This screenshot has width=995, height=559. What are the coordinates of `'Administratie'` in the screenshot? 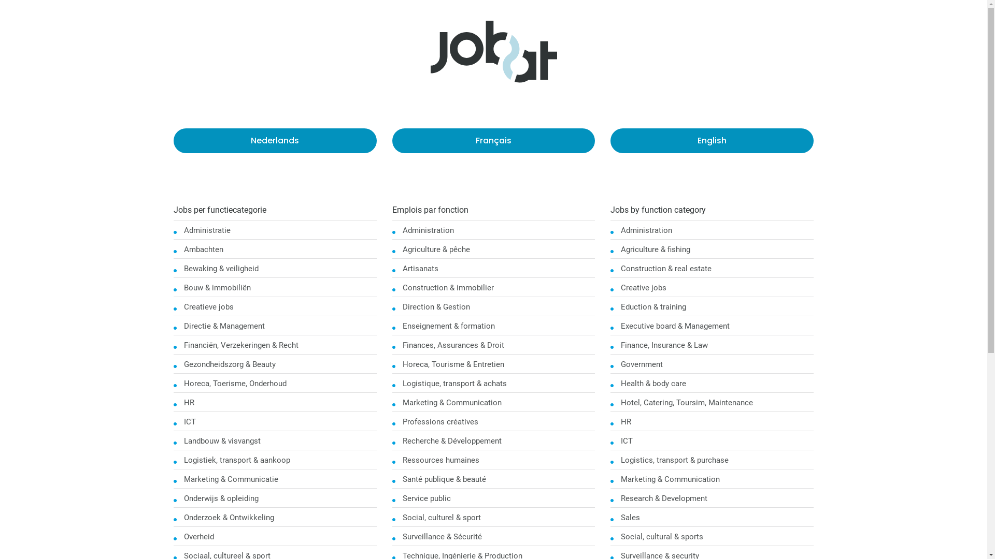 It's located at (207, 229).